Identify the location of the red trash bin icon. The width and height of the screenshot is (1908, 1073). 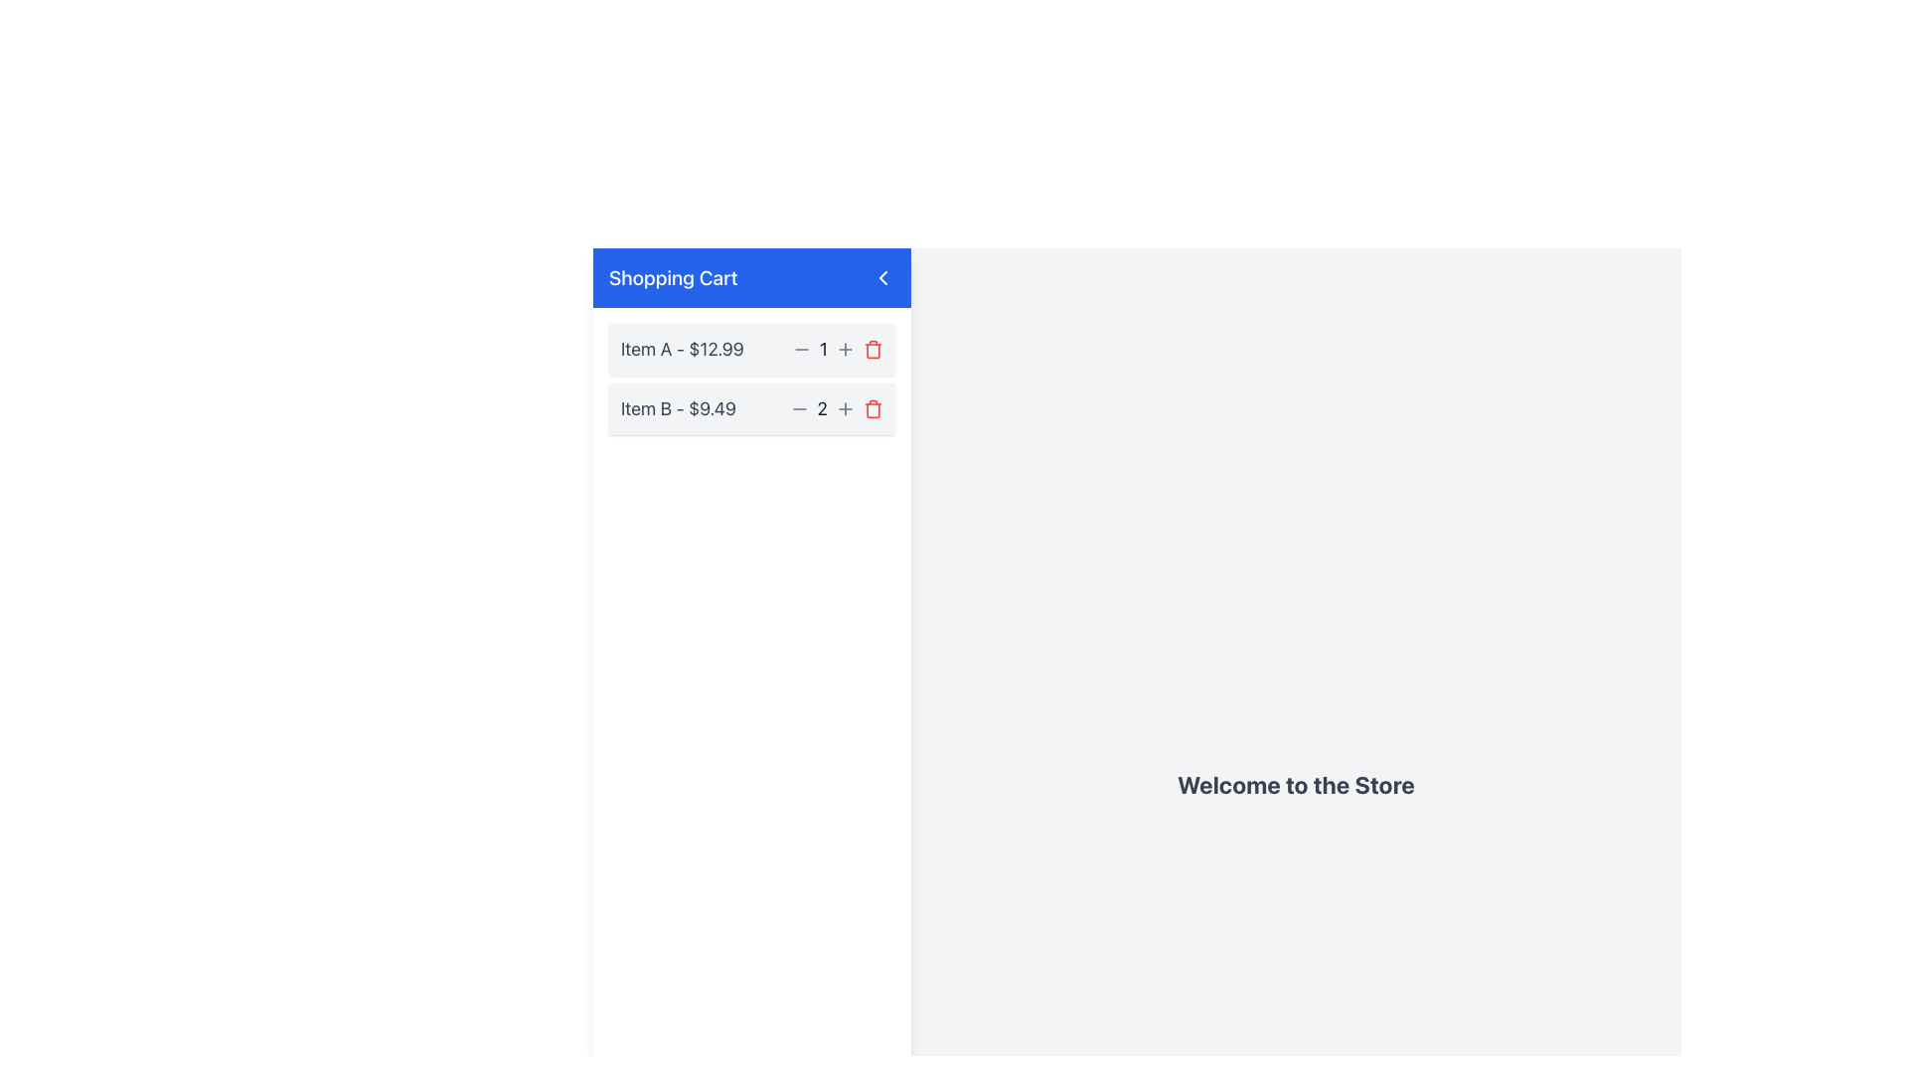
(873, 348).